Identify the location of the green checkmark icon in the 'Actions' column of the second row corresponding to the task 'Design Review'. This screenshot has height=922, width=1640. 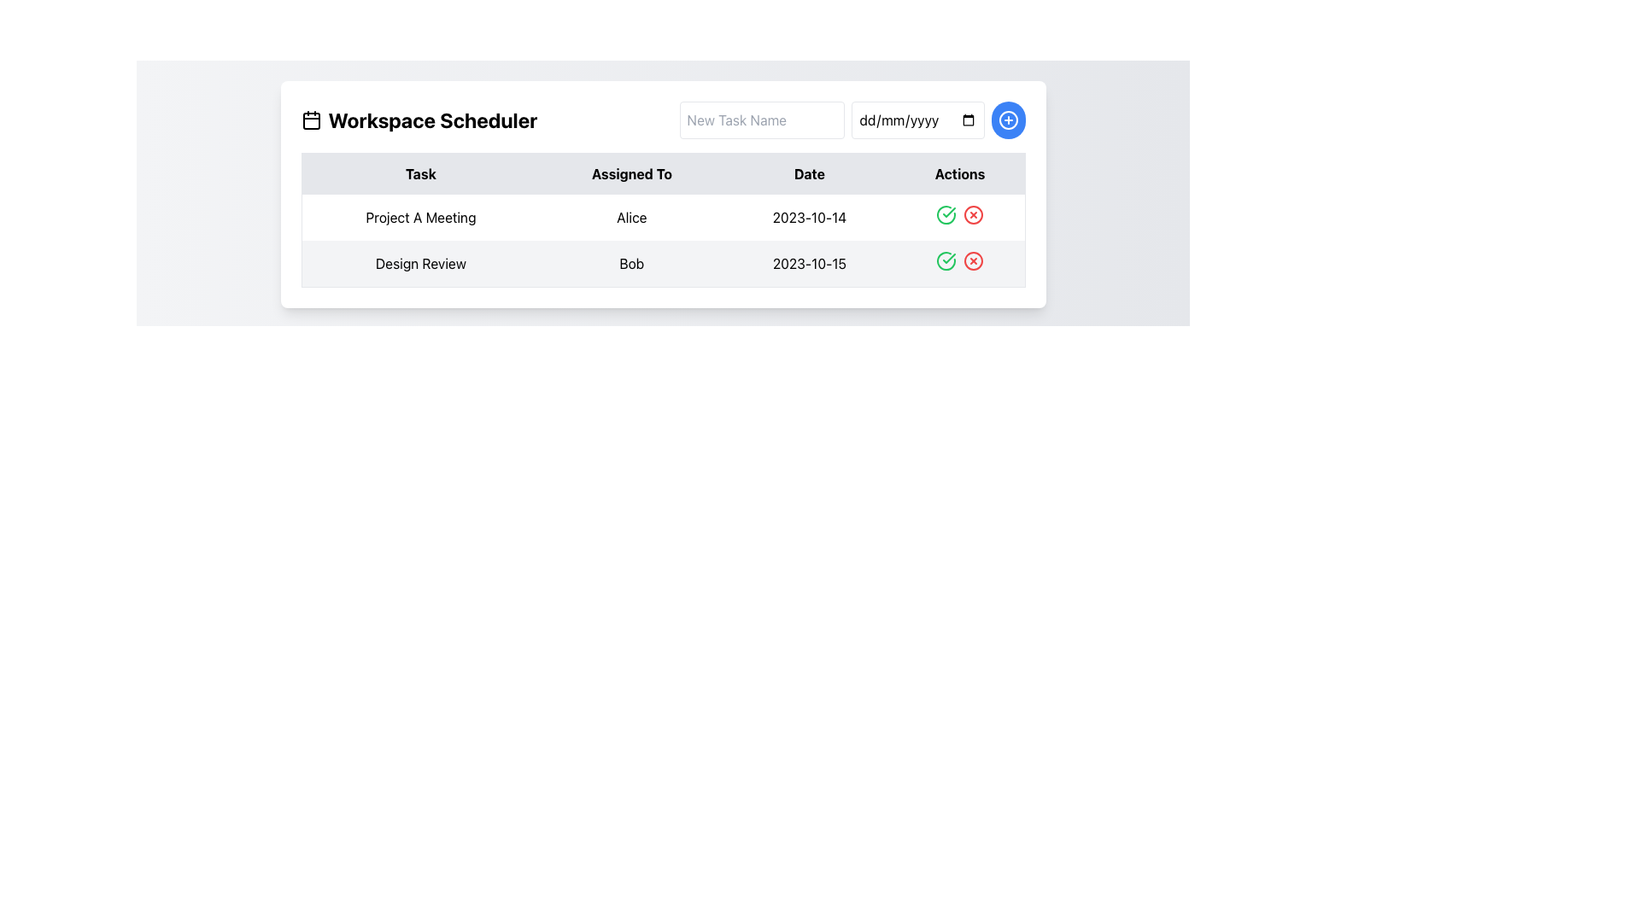
(948, 259).